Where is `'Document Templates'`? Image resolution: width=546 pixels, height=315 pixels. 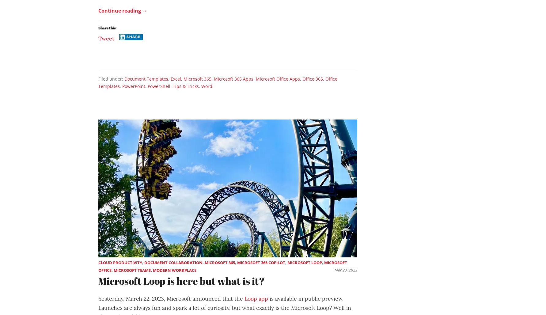
'Document Templates' is located at coordinates (146, 78).